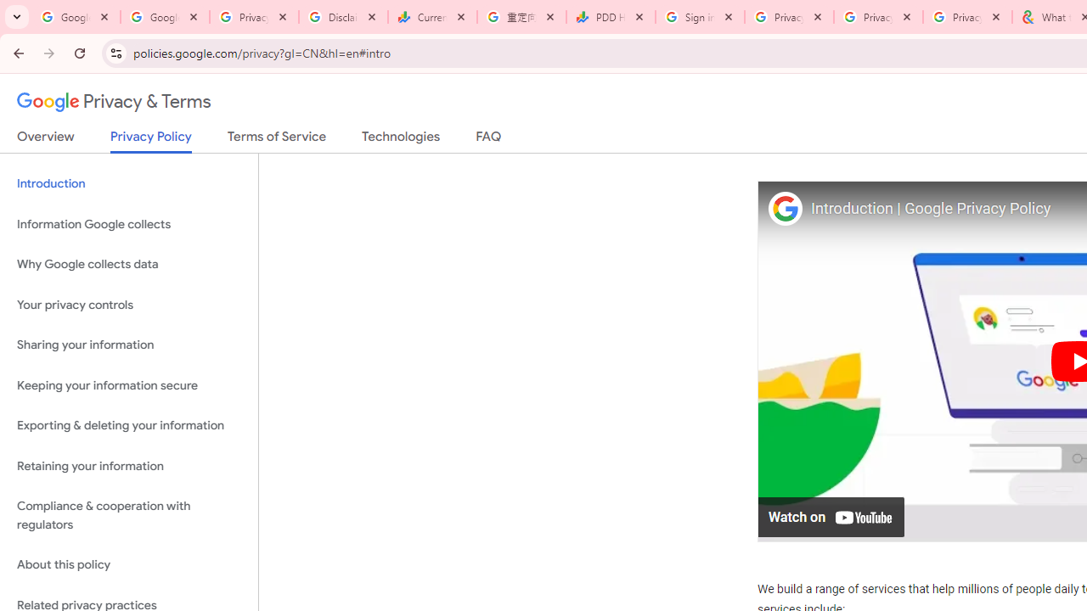 Image resolution: width=1087 pixels, height=611 pixels. What do you see at coordinates (432, 17) in the screenshot?
I see `'Currencies - Google Finance'` at bounding box center [432, 17].